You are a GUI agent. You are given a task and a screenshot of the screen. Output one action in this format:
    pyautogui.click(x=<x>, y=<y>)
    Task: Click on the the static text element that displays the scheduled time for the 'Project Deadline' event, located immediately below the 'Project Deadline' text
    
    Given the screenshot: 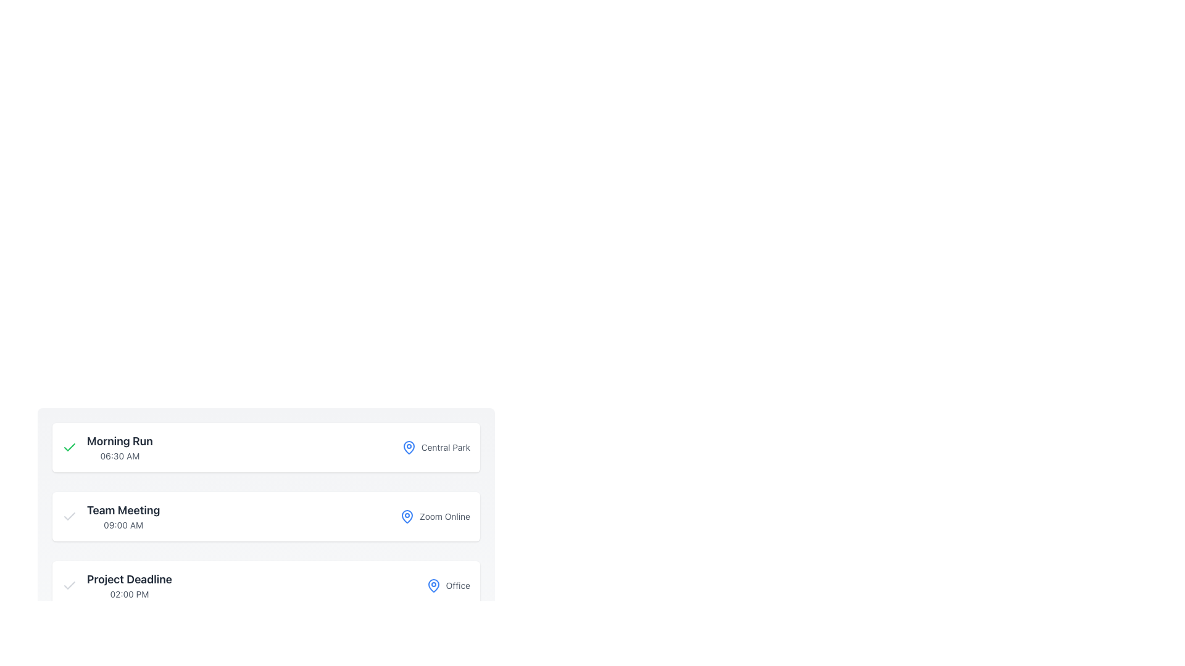 What is the action you would take?
    pyautogui.click(x=130, y=594)
    